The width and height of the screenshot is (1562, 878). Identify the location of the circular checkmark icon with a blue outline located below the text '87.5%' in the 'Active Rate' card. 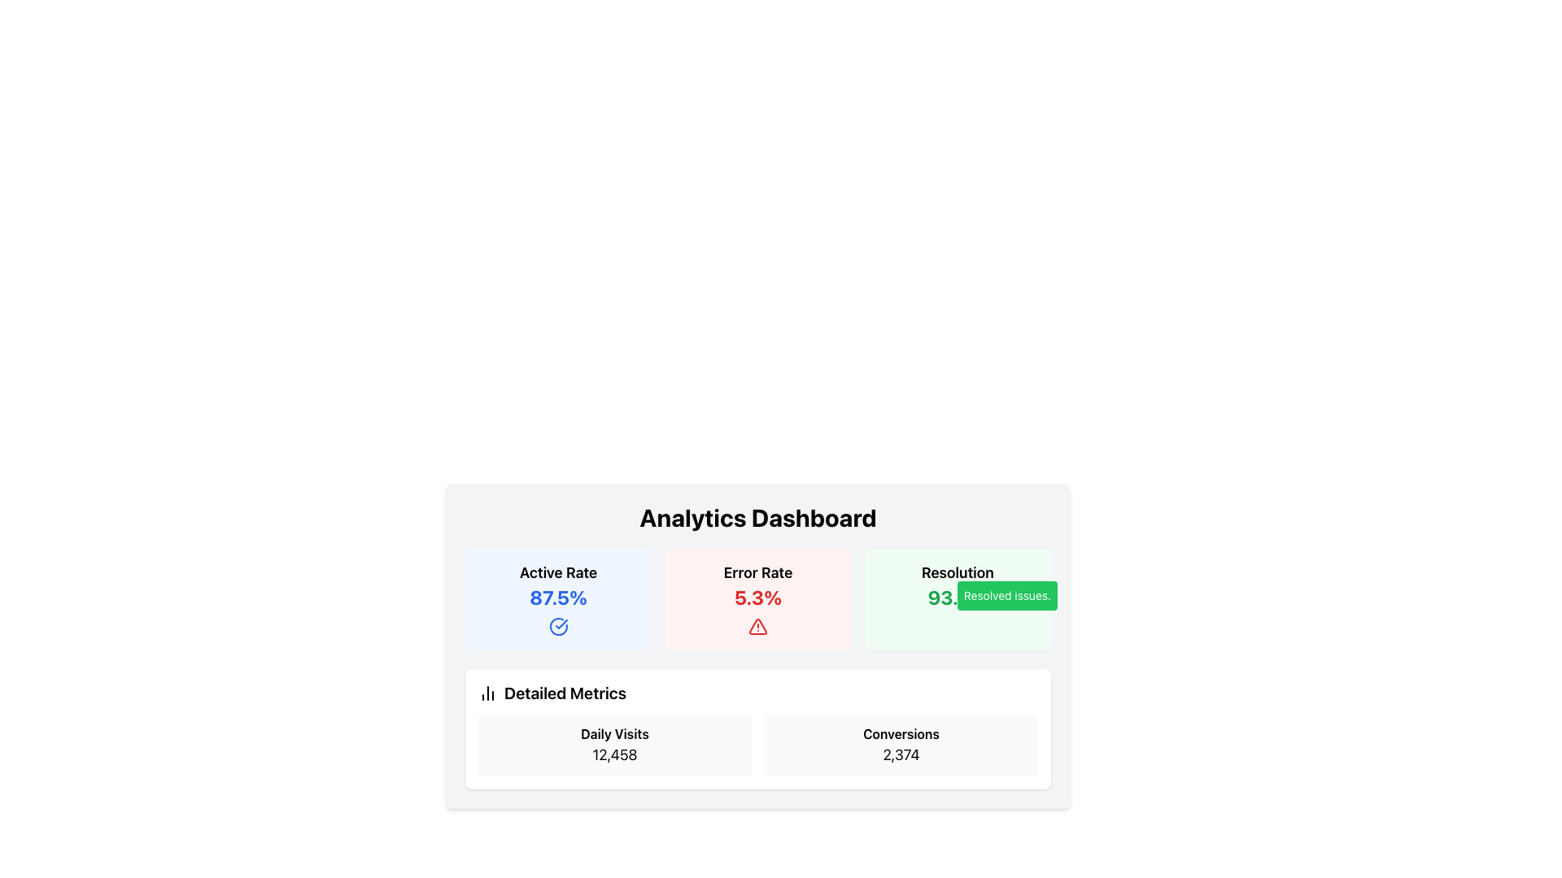
(558, 626).